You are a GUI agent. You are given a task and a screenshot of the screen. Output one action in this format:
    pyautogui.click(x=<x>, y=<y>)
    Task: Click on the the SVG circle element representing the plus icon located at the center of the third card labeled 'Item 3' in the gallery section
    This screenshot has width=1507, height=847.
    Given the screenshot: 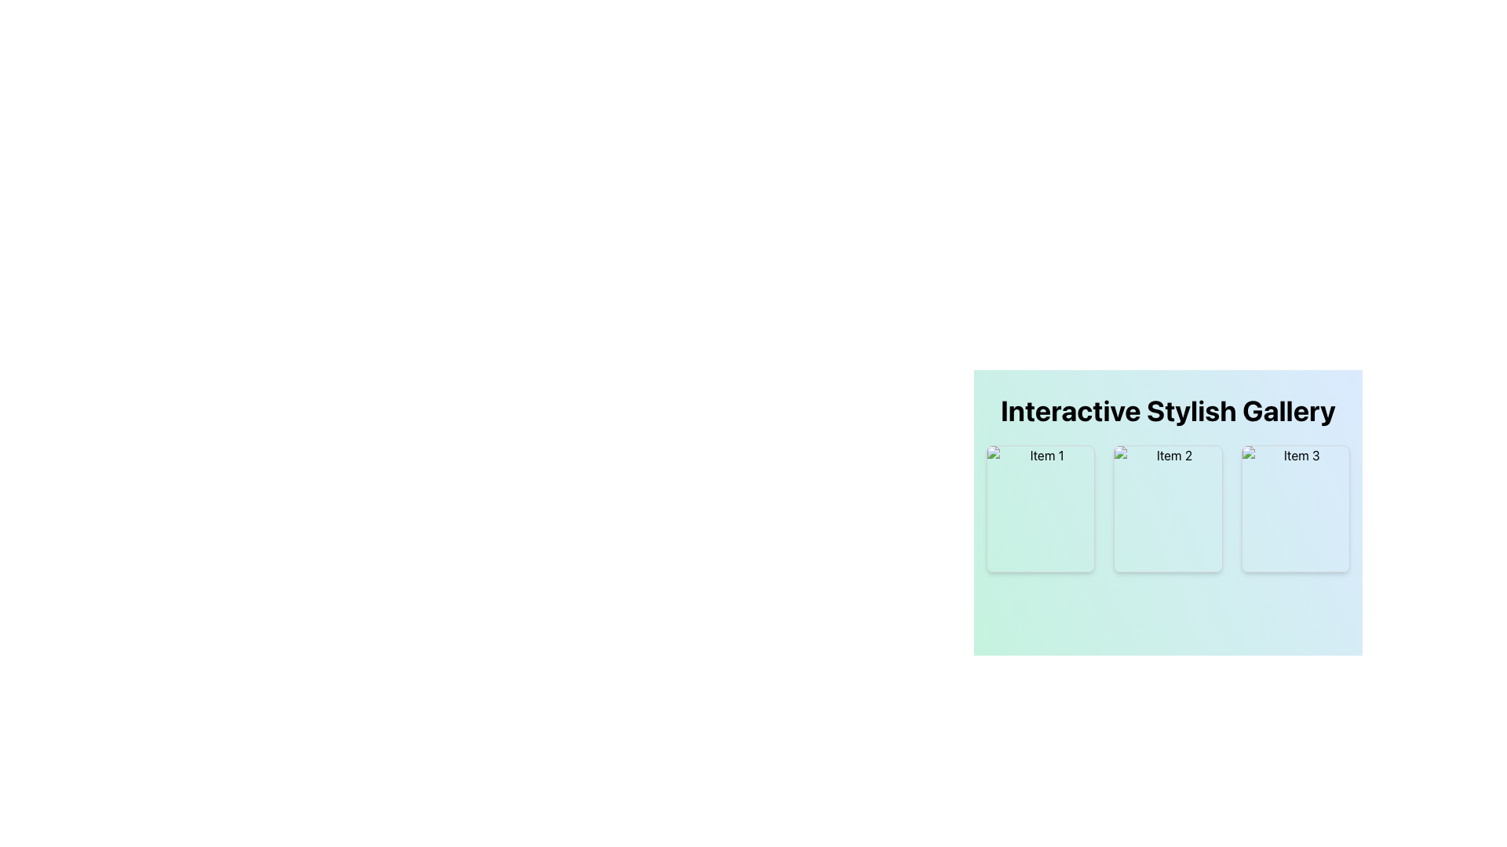 What is the action you would take?
    pyautogui.click(x=1295, y=508)
    